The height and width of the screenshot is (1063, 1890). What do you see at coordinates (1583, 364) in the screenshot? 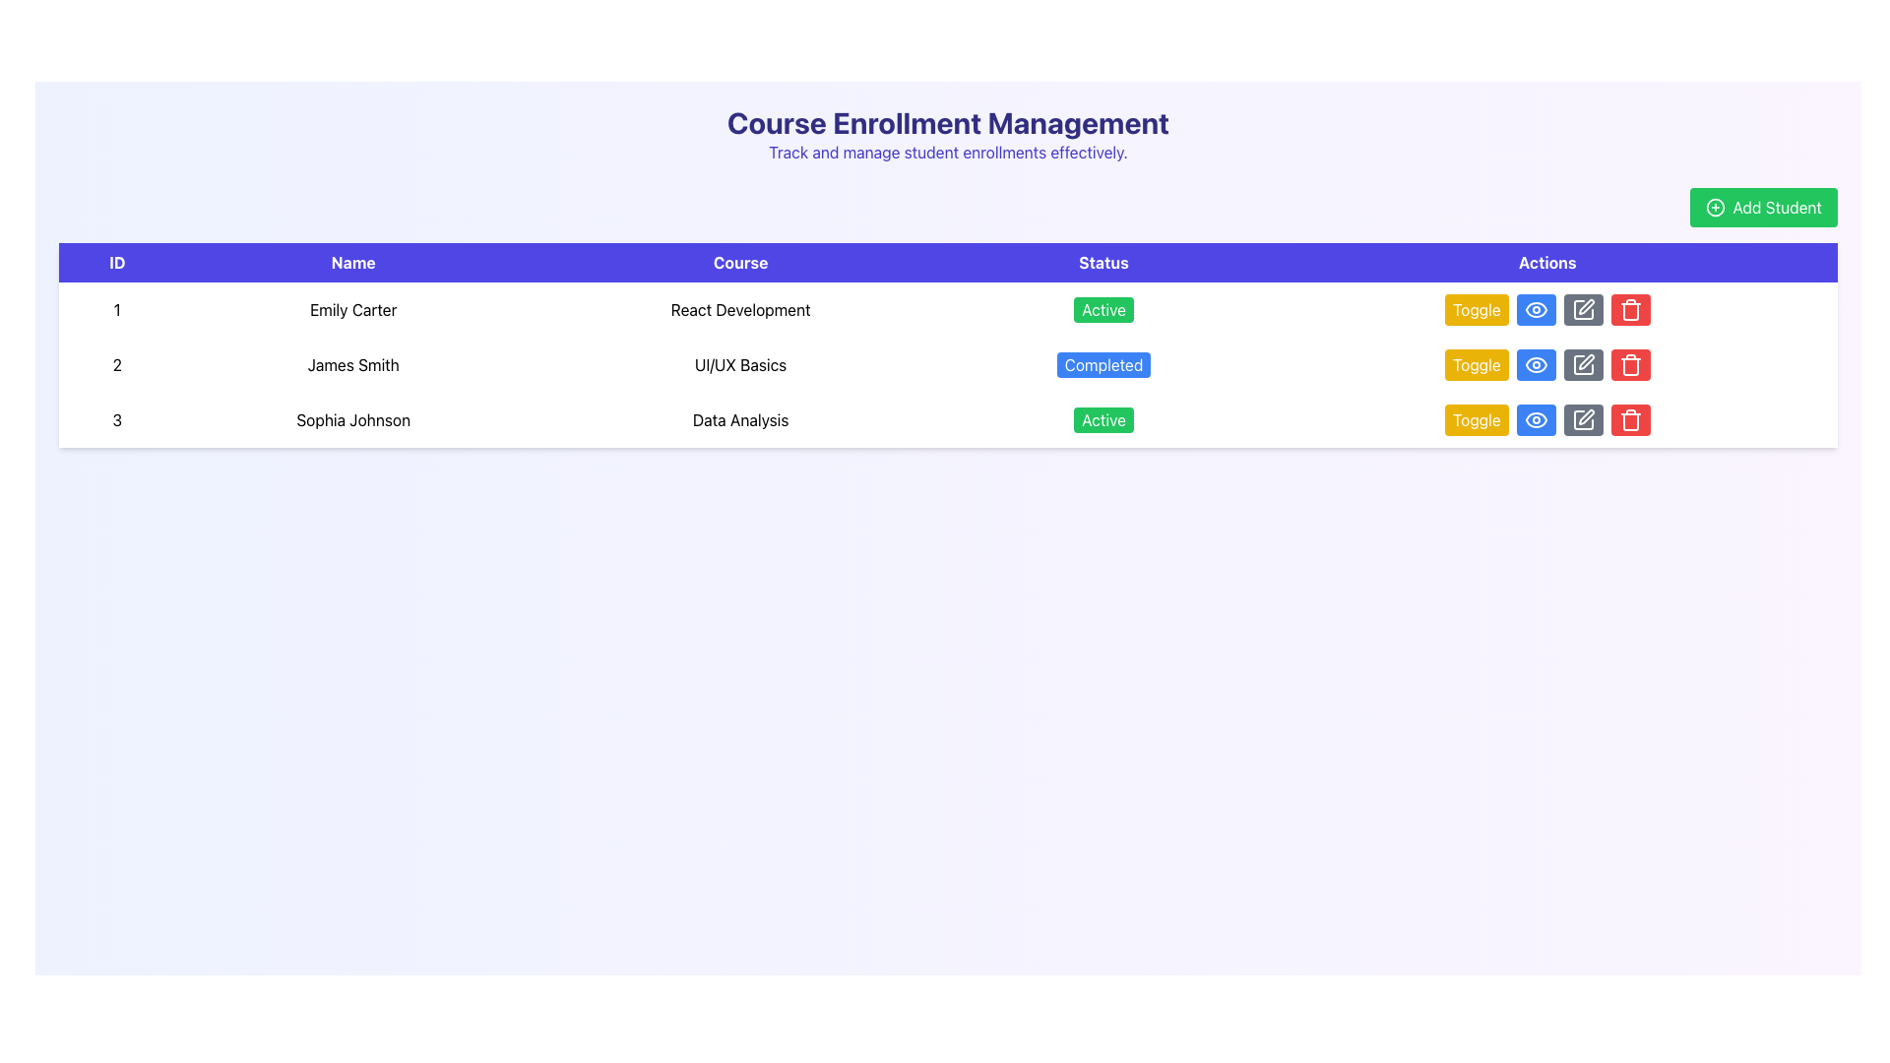
I see `the pen icon button in the 'Actions' column corresponding to the second entry for 'James Smith' to initiate editing` at bounding box center [1583, 364].